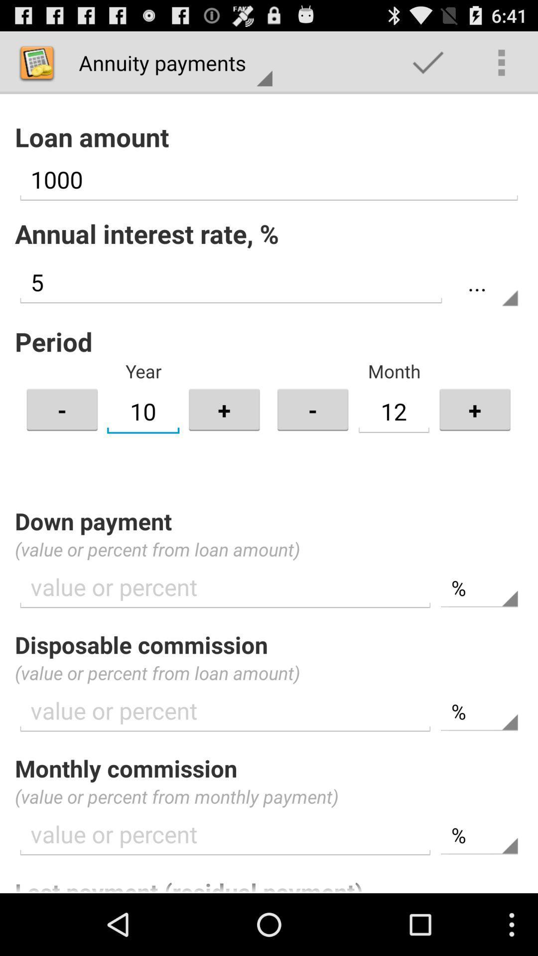  I want to click on the second text field under monthly commission, so click(479, 836).